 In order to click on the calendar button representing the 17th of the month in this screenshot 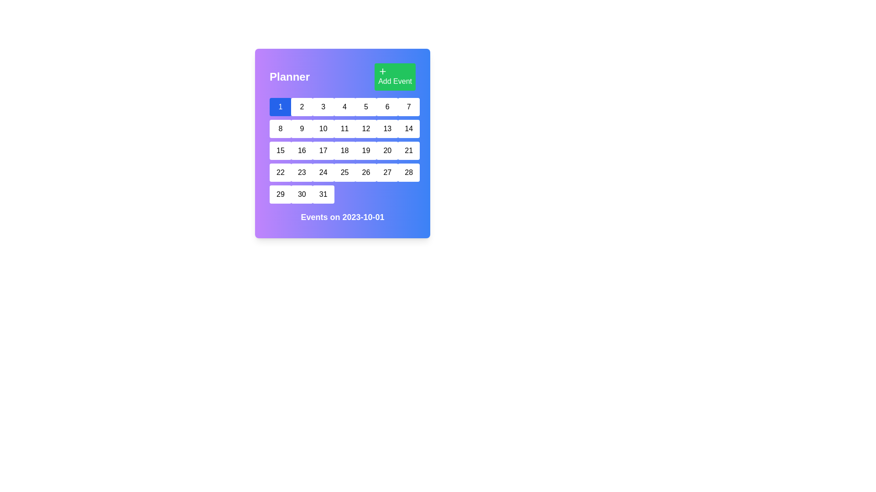, I will do `click(323, 150)`.